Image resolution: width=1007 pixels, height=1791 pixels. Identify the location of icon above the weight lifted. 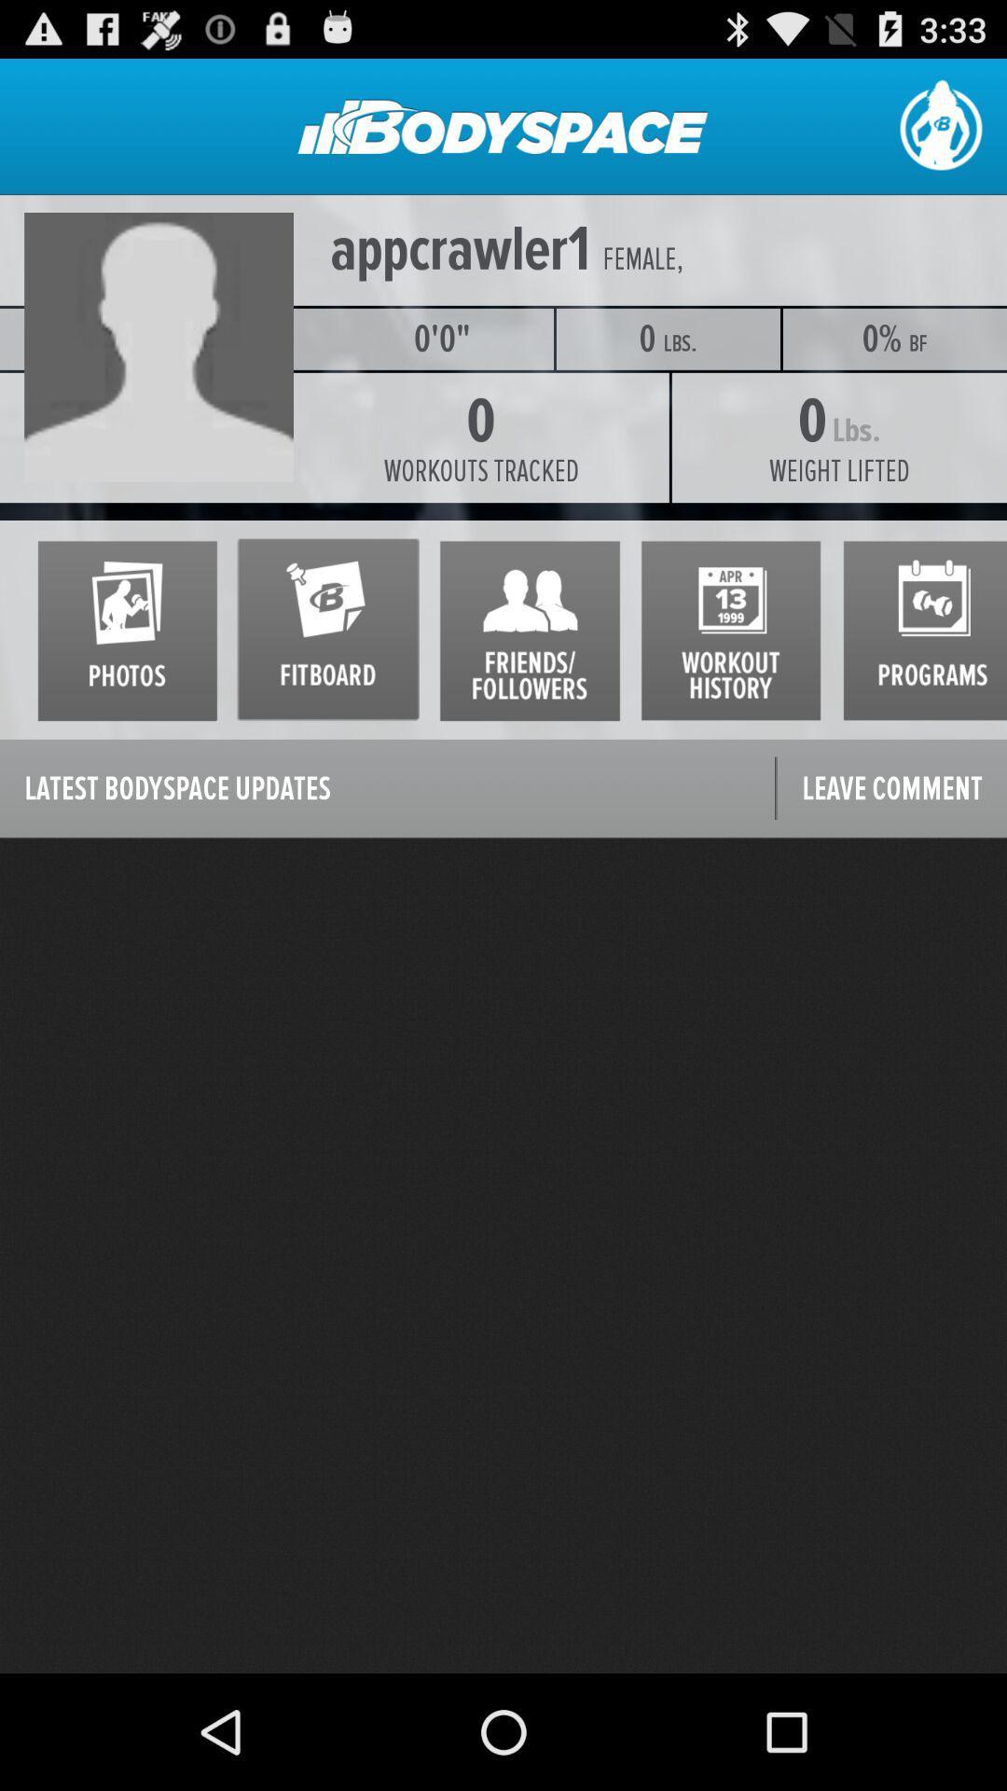
(917, 343).